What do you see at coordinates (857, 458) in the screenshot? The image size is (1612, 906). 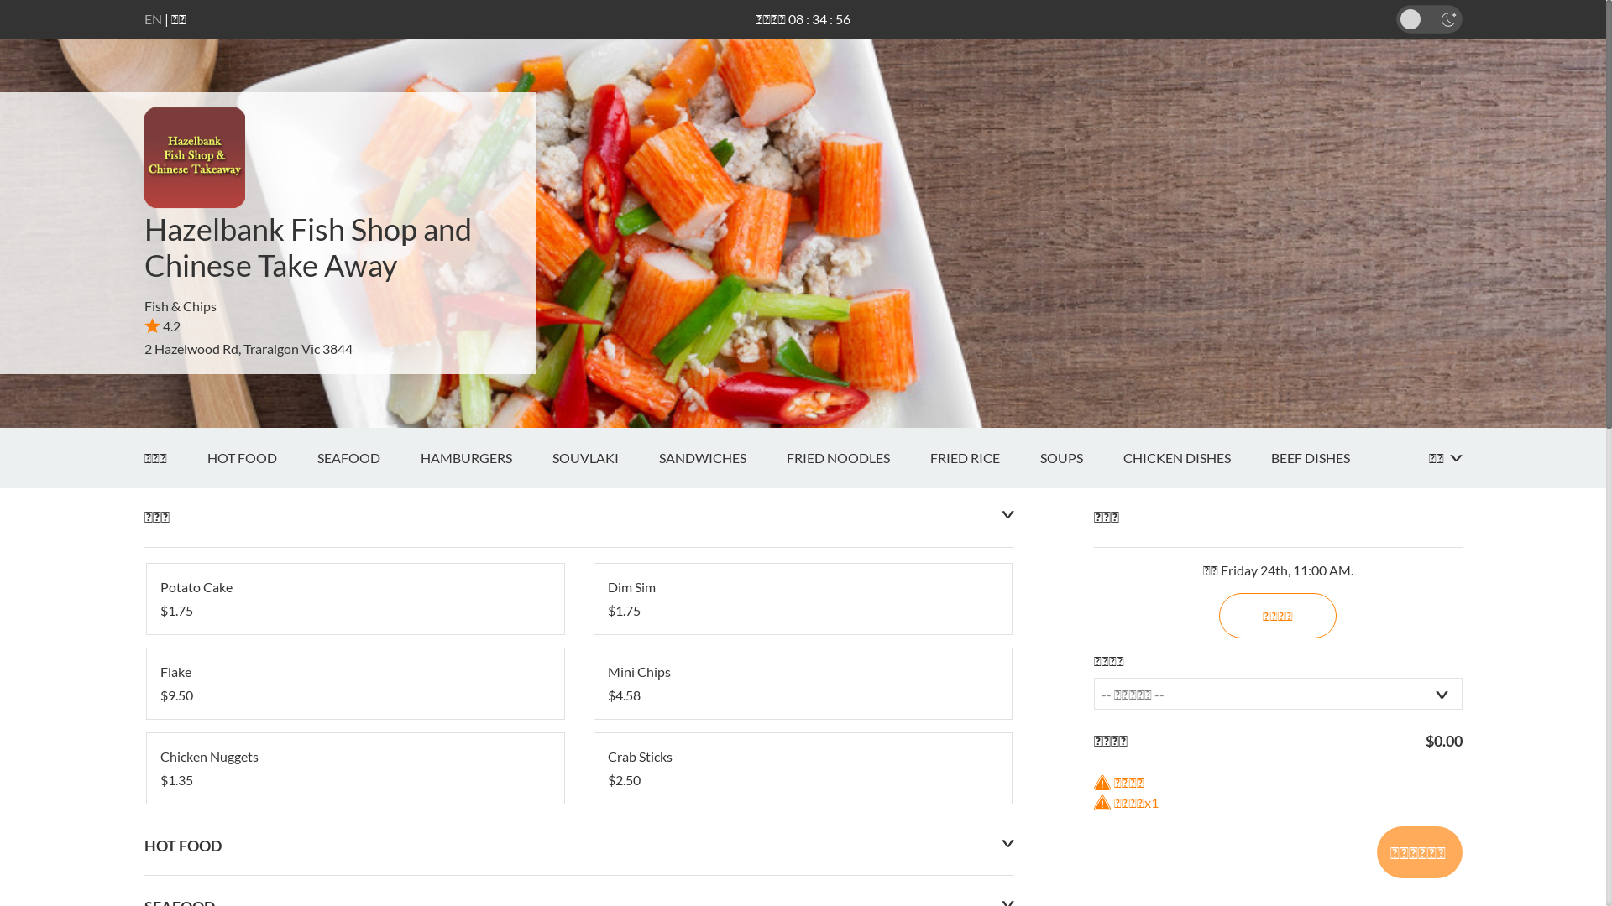 I see `'FRIED NOODLES'` at bounding box center [857, 458].